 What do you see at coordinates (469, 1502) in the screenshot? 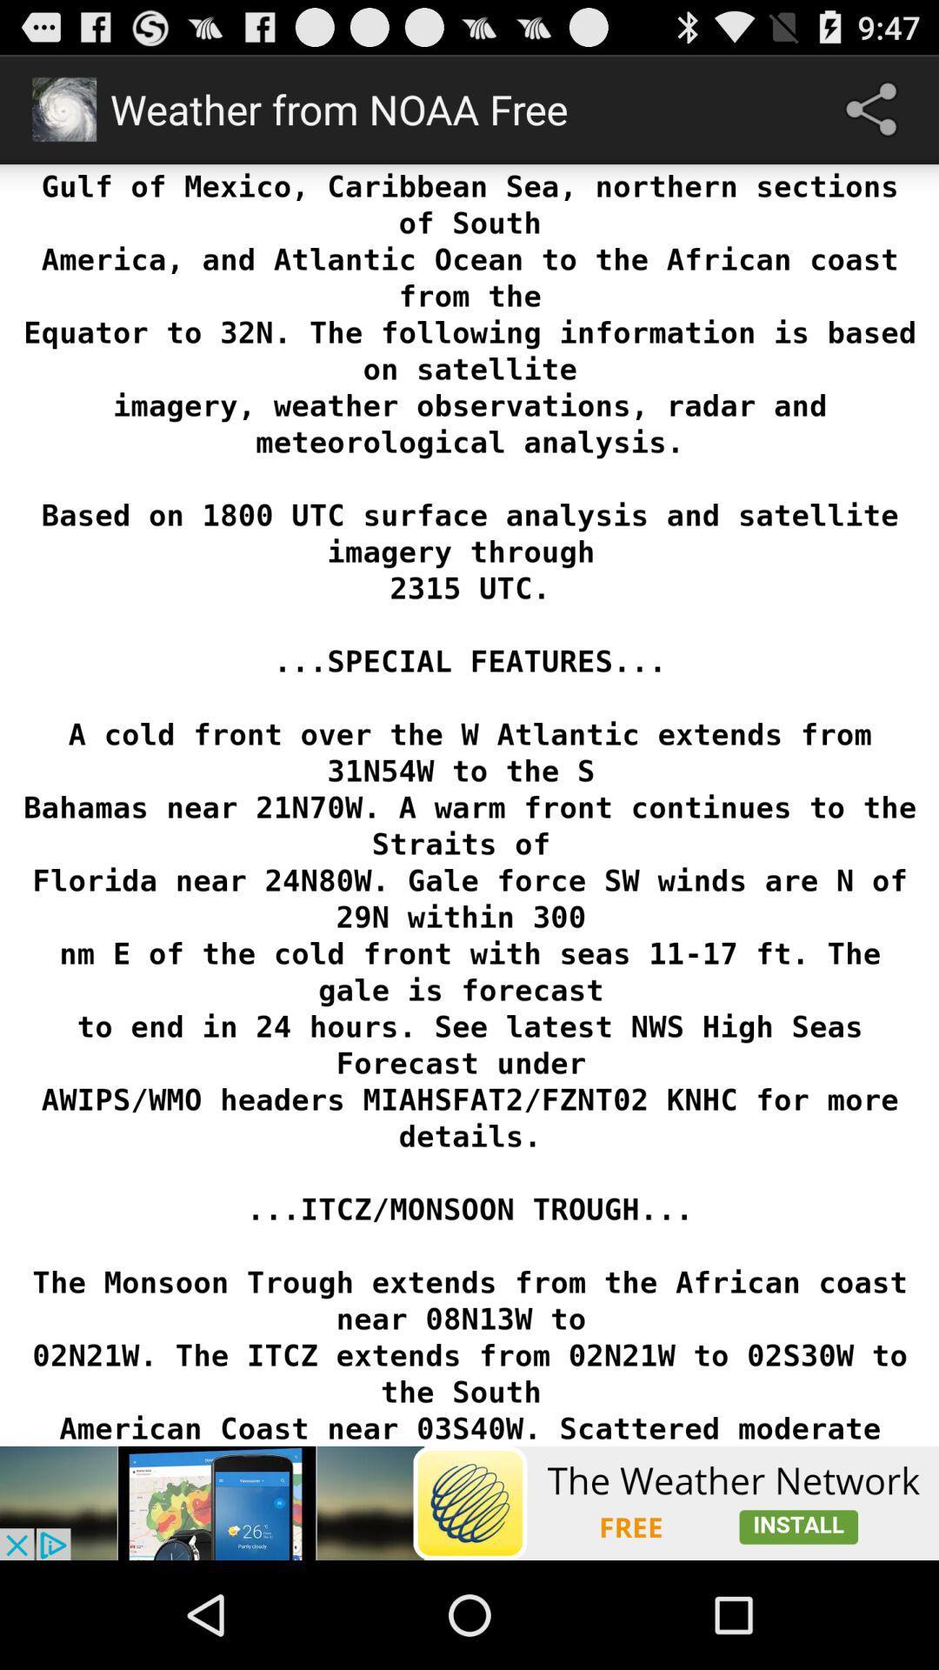
I see `for adverisment` at bounding box center [469, 1502].